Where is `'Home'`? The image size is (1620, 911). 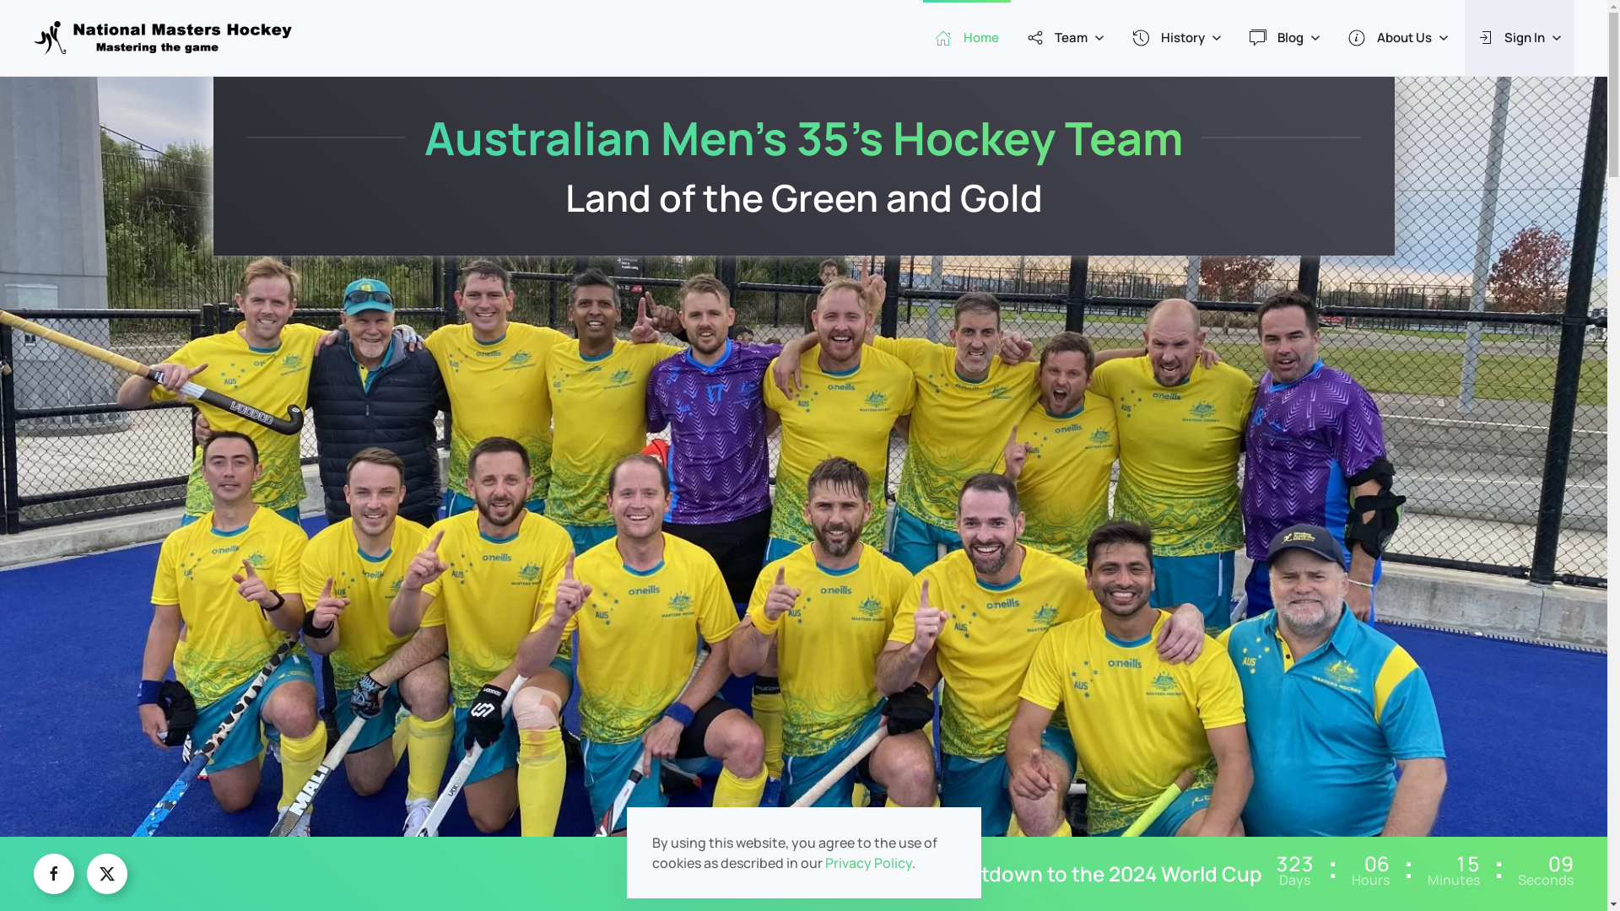 'Home' is located at coordinates (967, 38).